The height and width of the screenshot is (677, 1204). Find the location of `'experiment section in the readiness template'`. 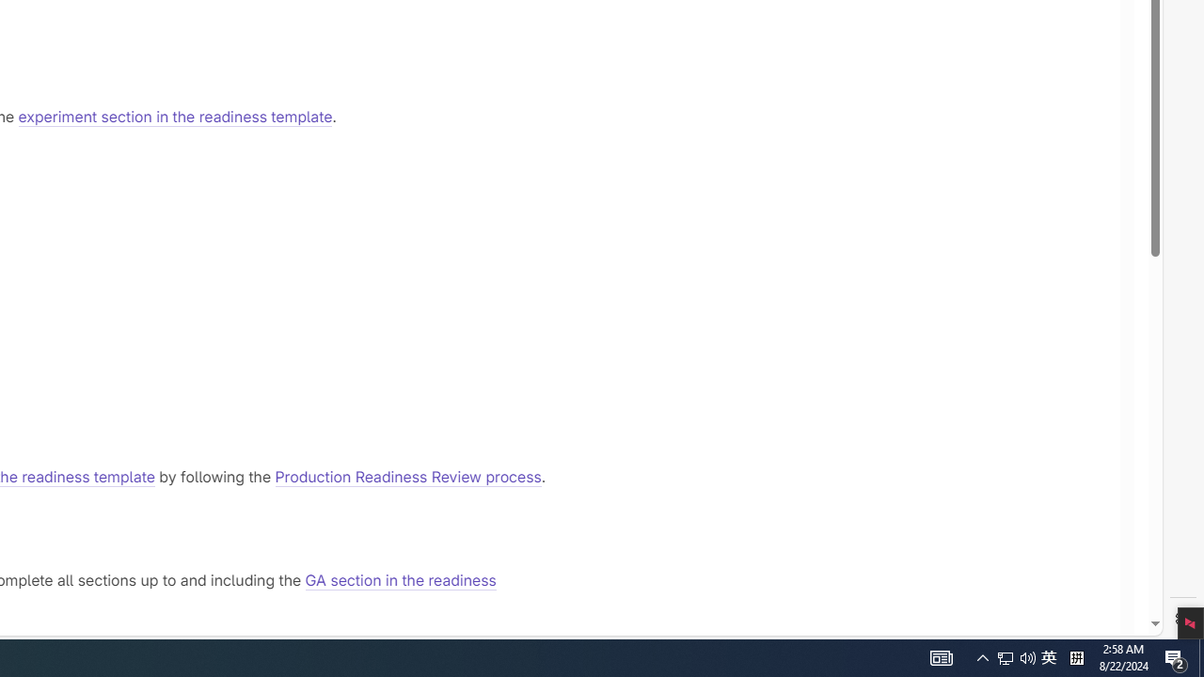

'experiment section in the readiness template' is located at coordinates (175, 117).